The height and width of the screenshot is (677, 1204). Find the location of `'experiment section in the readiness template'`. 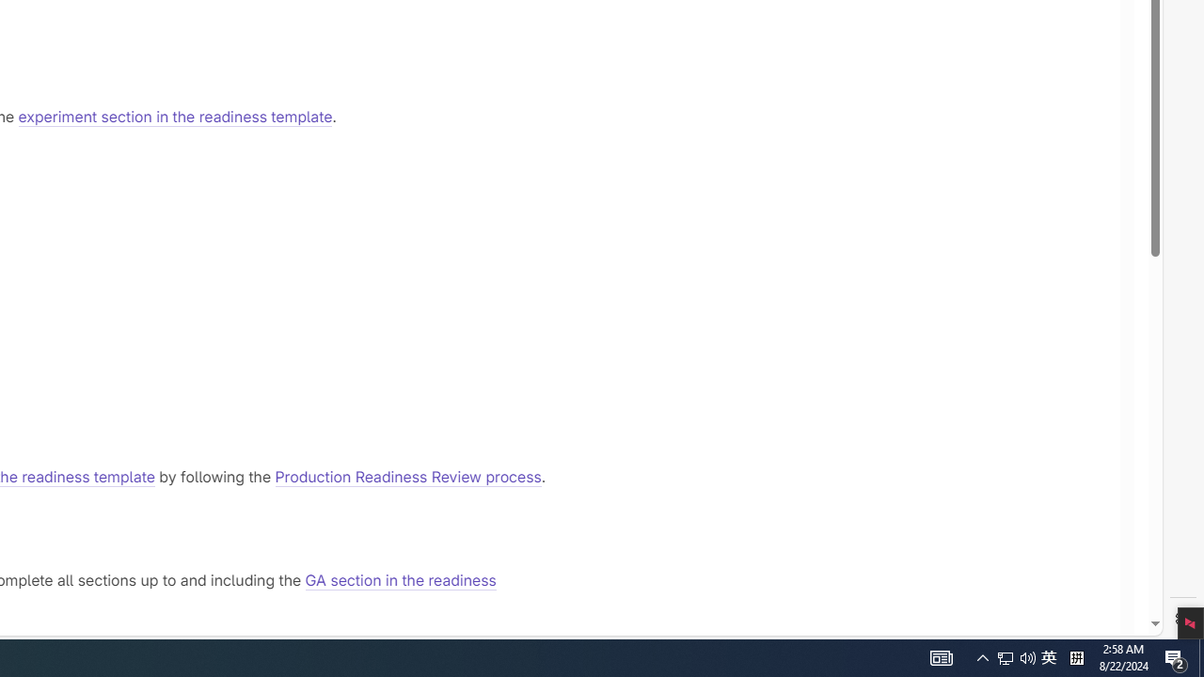

'experiment section in the readiness template' is located at coordinates (175, 117).